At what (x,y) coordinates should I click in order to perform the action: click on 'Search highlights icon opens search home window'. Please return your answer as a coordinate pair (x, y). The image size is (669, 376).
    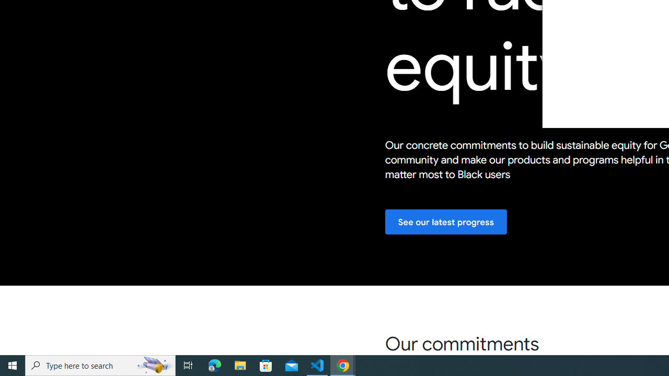
    Looking at the image, I should click on (154, 365).